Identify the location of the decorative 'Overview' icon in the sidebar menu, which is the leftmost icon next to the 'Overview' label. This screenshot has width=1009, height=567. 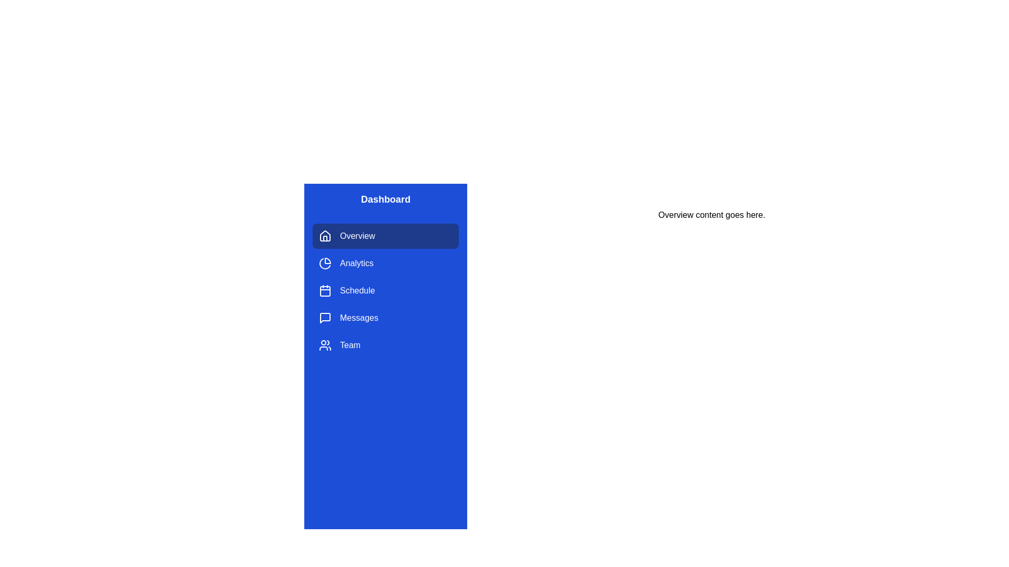
(325, 235).